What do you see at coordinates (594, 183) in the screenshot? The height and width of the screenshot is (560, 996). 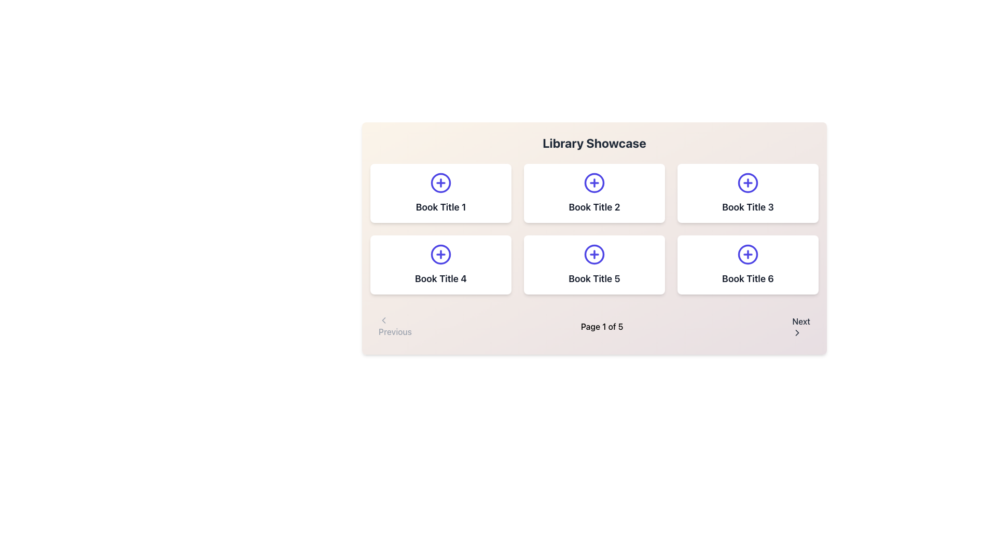 I see `the icon in the second panel of the interface grid labeled 'Book Title 2'` at bounding box center [594, 183].